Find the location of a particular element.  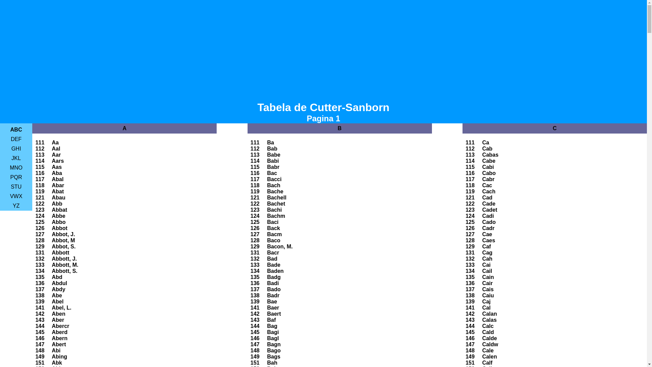

'DEF' is located at coordinates (16, 139).